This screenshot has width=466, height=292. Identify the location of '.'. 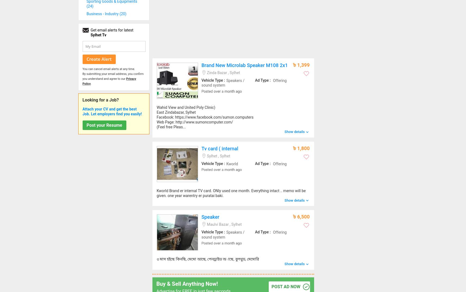
(90, 83).